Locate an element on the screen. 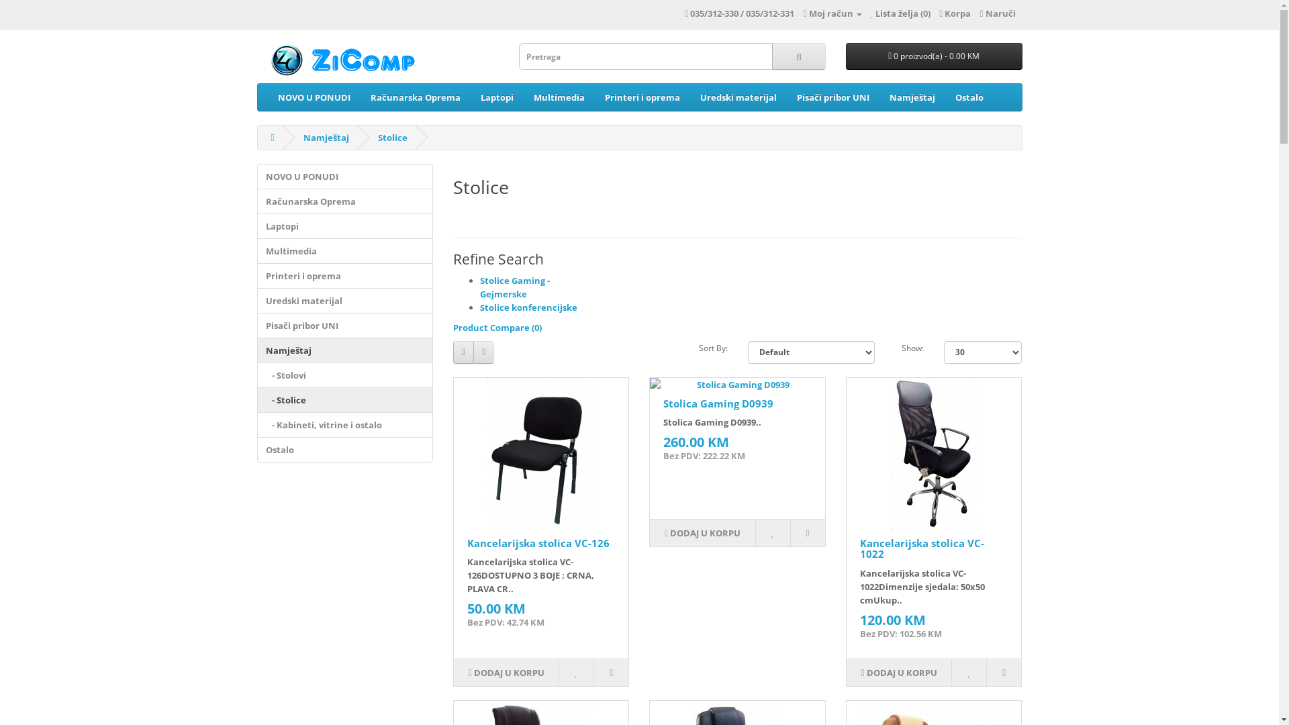  'ZiComp' is located at coordinates (346, 58).